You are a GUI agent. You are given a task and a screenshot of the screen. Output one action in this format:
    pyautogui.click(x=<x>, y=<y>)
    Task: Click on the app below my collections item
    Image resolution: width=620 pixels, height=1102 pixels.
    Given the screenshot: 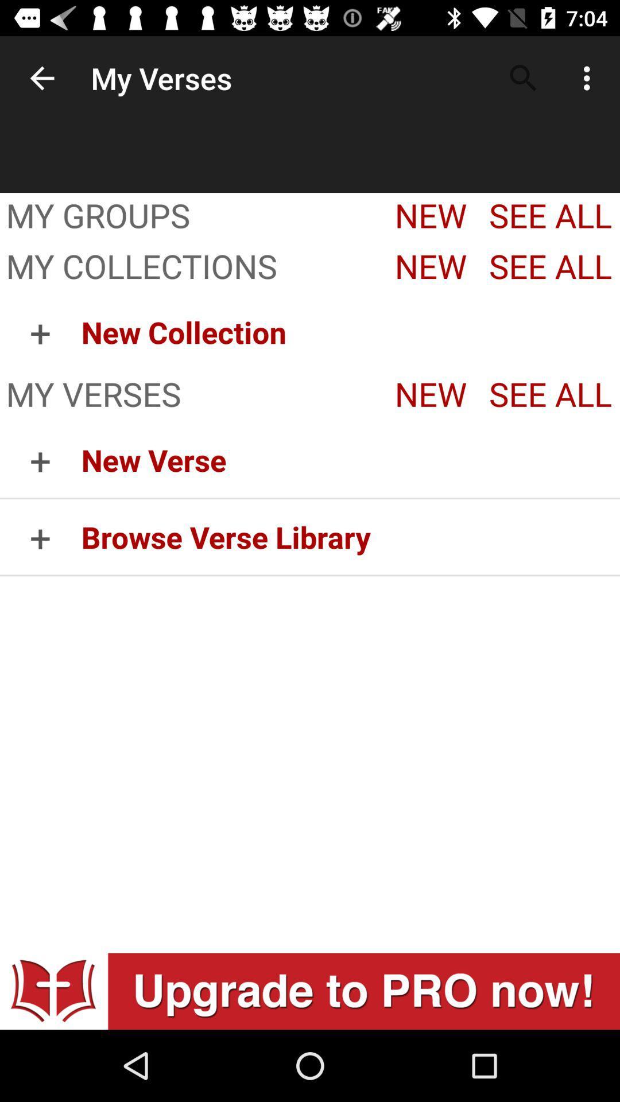 What is the action you would take?
    pyautogui.click(x=40, y=331)
    